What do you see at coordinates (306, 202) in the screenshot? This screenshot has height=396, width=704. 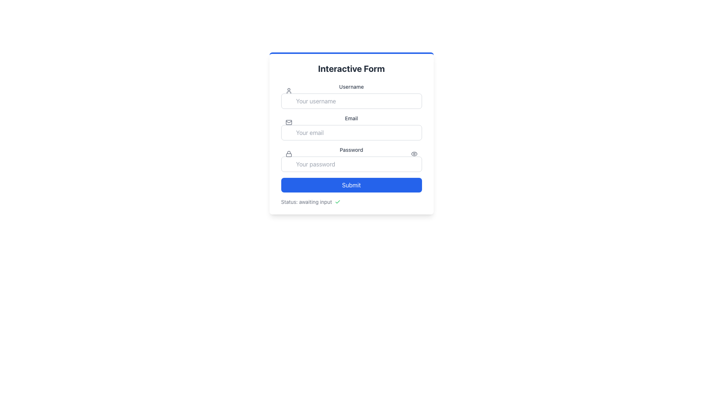 I see `the status information text element located below the 'Submit' button, aligned to the left of the green checkmark icon` at bounding box center [306, 202].